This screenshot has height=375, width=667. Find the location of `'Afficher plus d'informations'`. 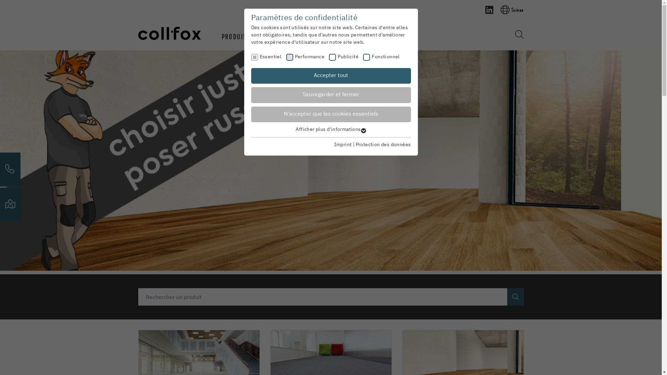

'Afficher plus d'informations' is located at coordinates (330, 130).